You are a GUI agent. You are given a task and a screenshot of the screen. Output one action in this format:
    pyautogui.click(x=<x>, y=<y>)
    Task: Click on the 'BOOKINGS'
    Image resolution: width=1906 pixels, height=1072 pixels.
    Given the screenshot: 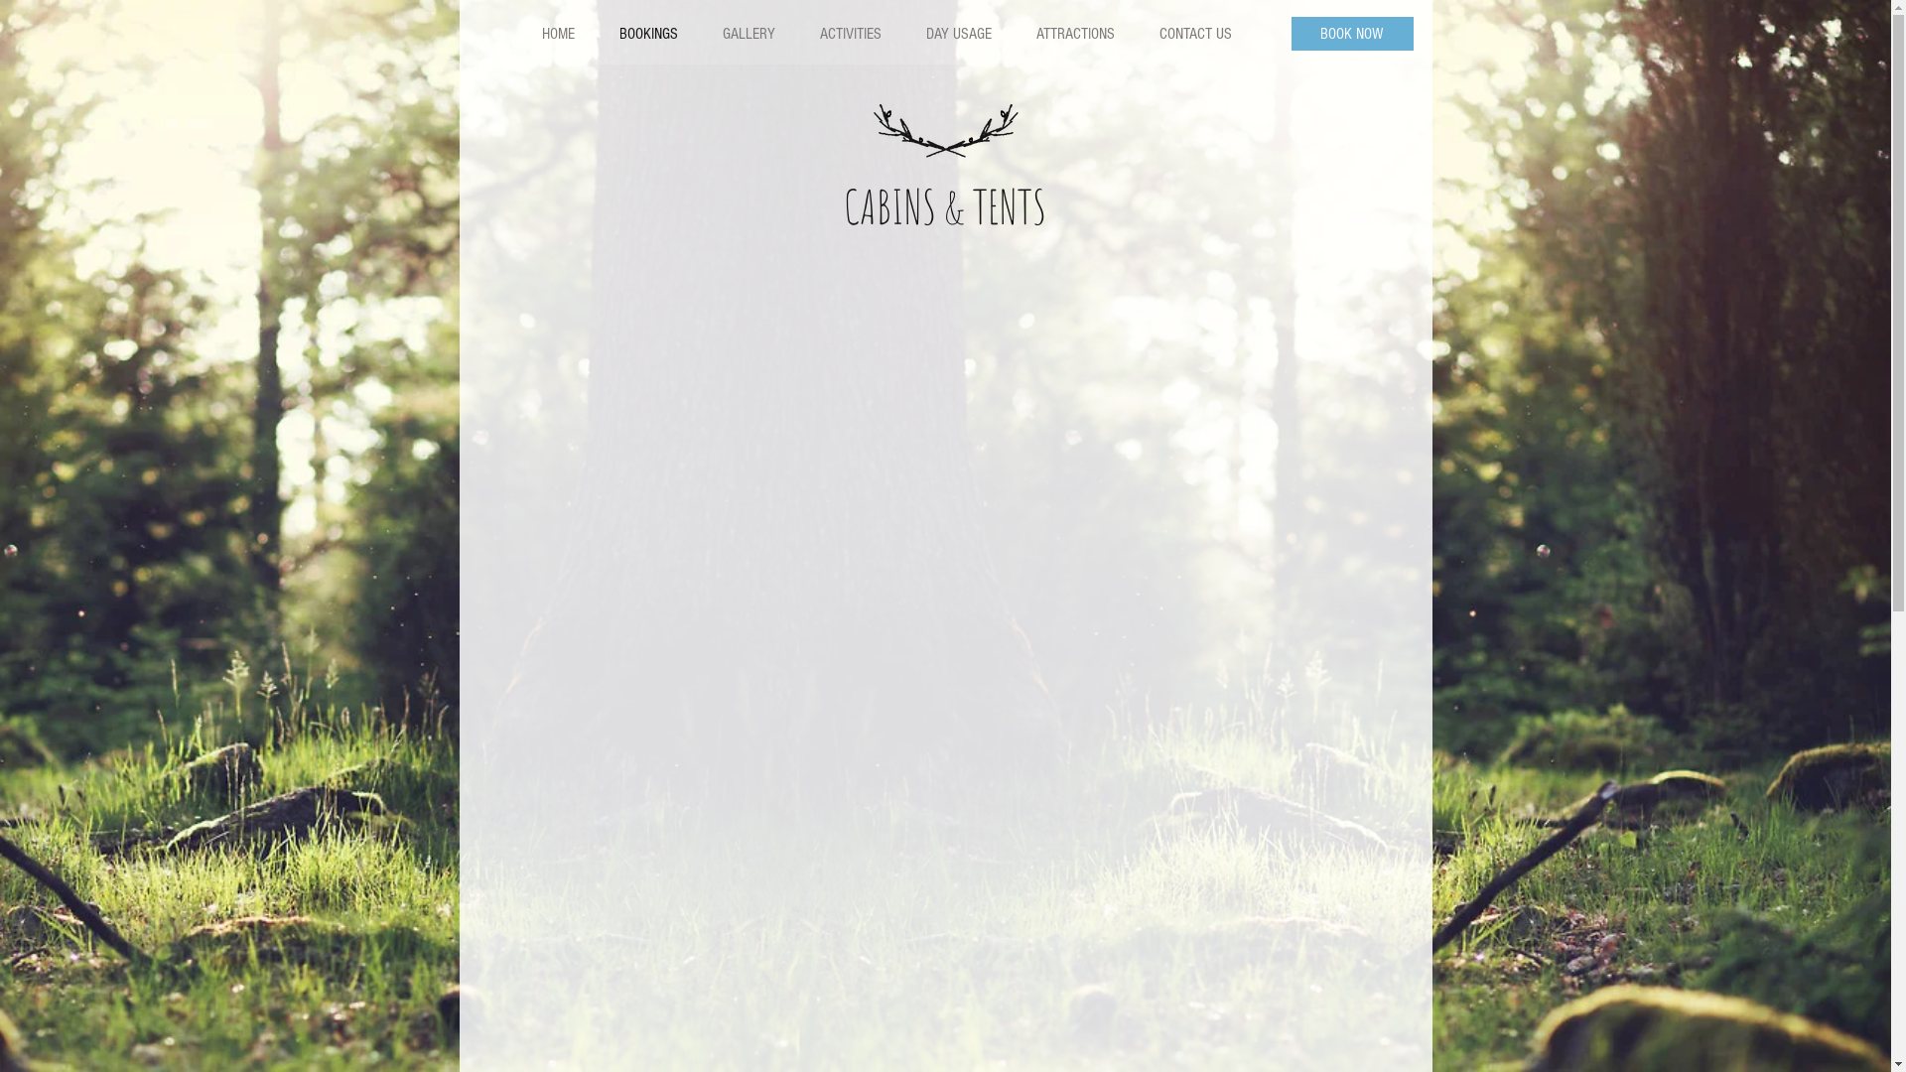 What is the action you would take?
    pyautogui.click(x=595, y=34)
    